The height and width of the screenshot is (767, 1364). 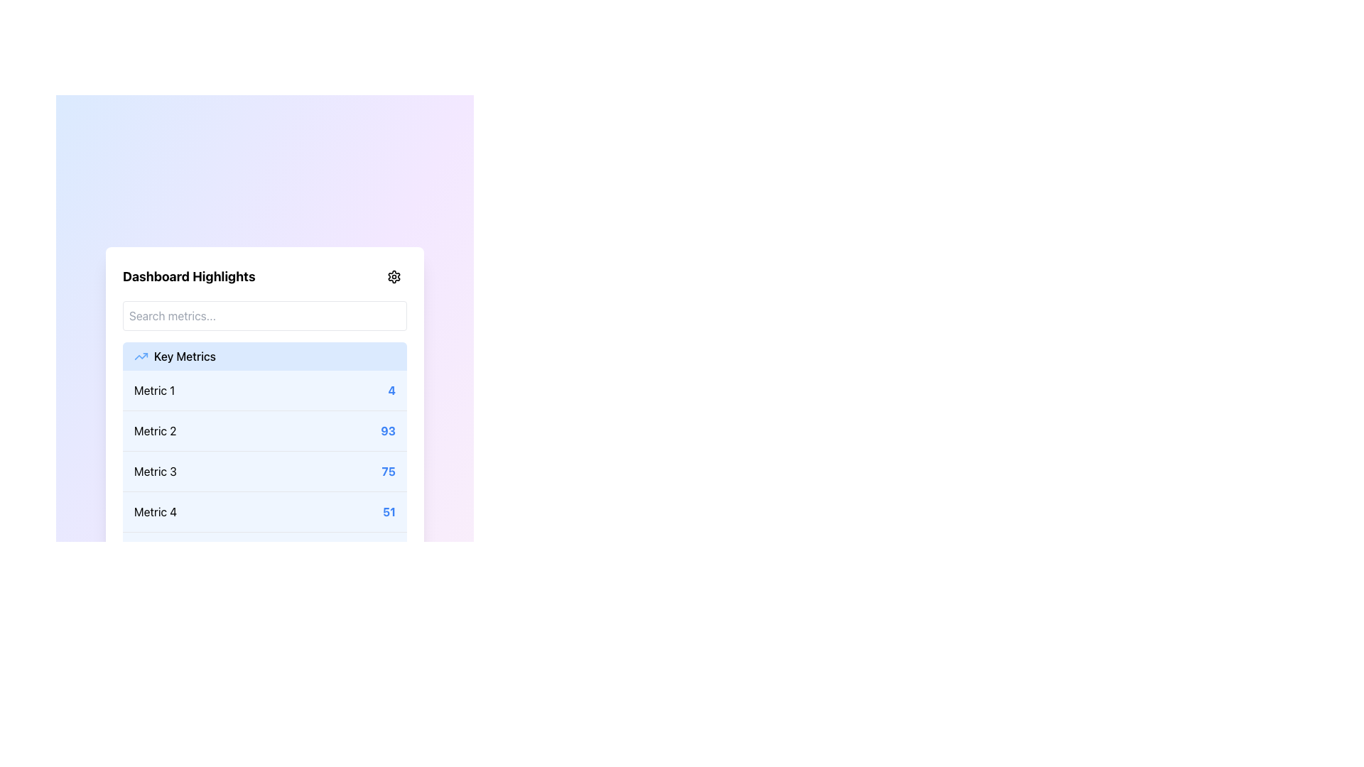 What do you see at coordinates (154, 391) in the screenshot?
I see `the 'Metric 1' text label located in the 'Key Metrics' section` at bounding box center [154, 391].